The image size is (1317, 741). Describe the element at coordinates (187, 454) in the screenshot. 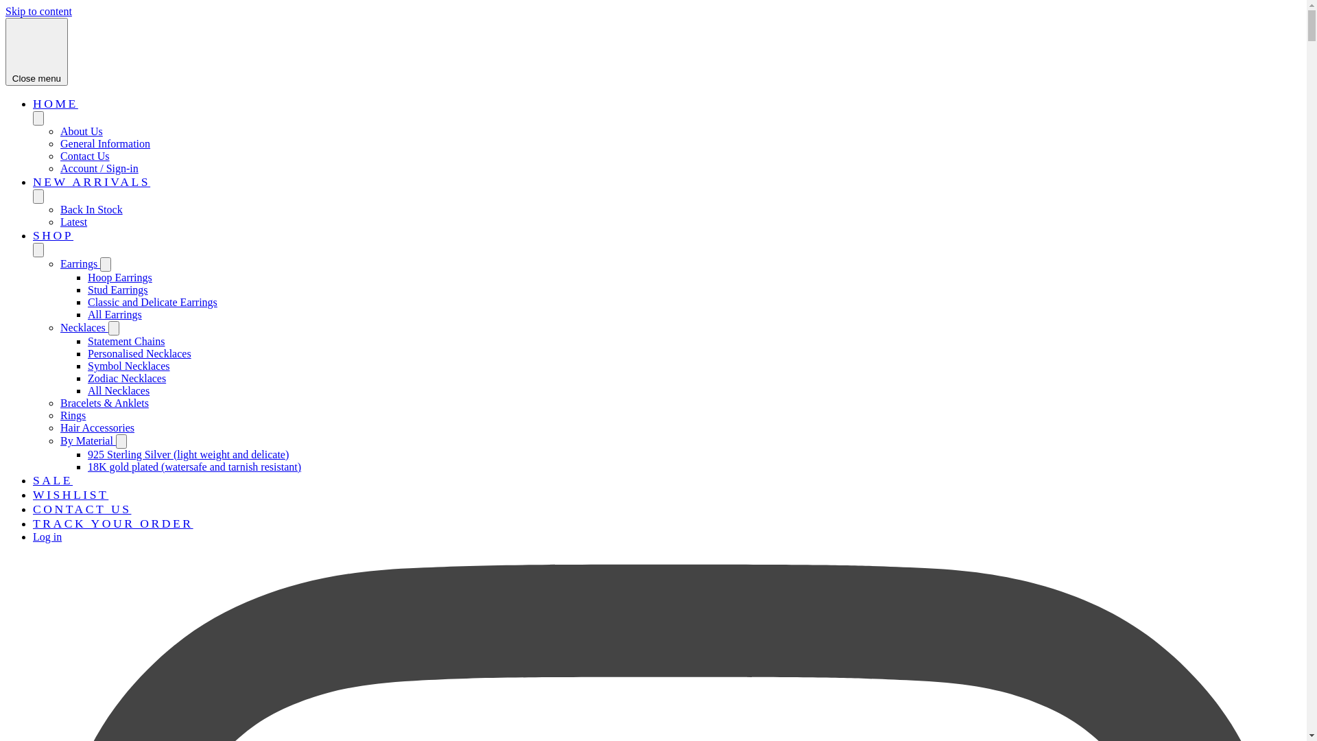

I see `'925 Sterling Silver (light weight and delicate)'` at that location.